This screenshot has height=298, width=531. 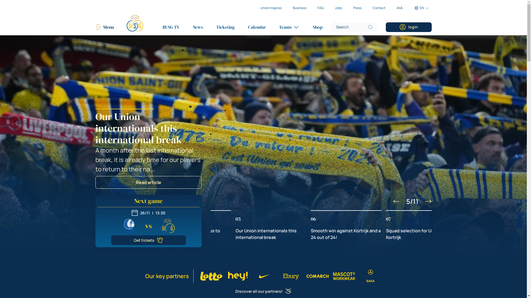 What do you see at coordinates (289, 27) in the screenshot?
I see `'Teams'` at bounding box center [289, 27].